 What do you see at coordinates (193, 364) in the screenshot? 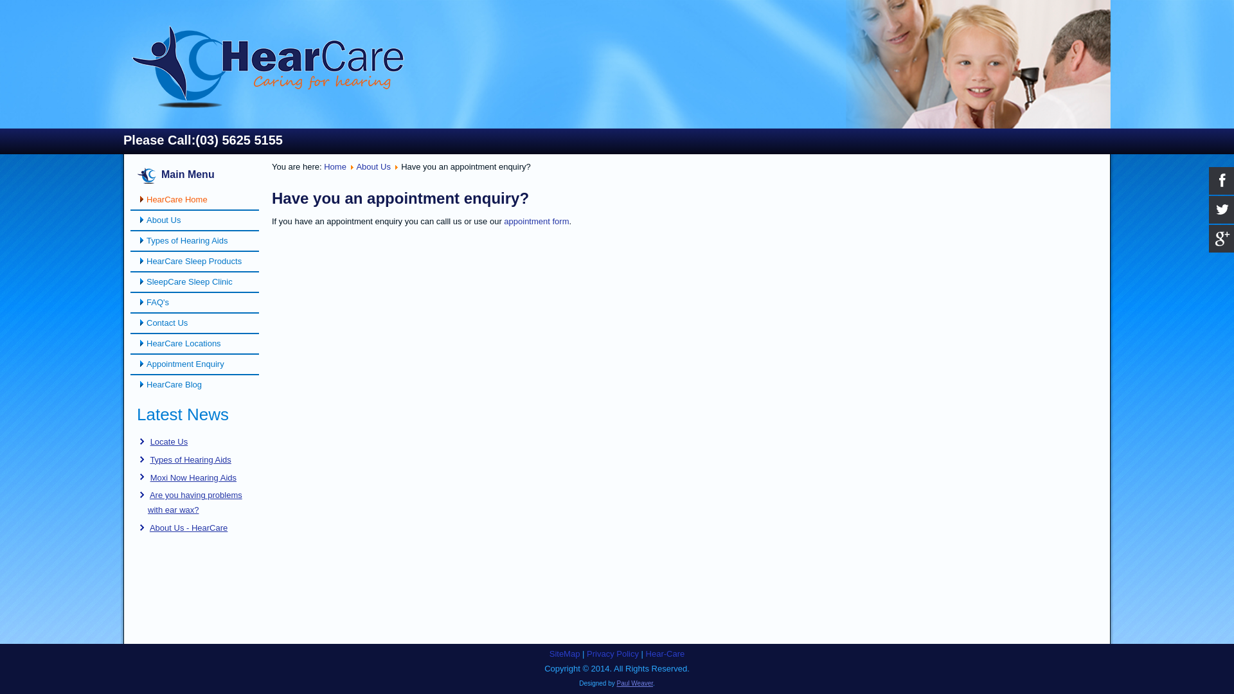
I see `'Appointment Enquiry'` at bounding box center [193, 364].